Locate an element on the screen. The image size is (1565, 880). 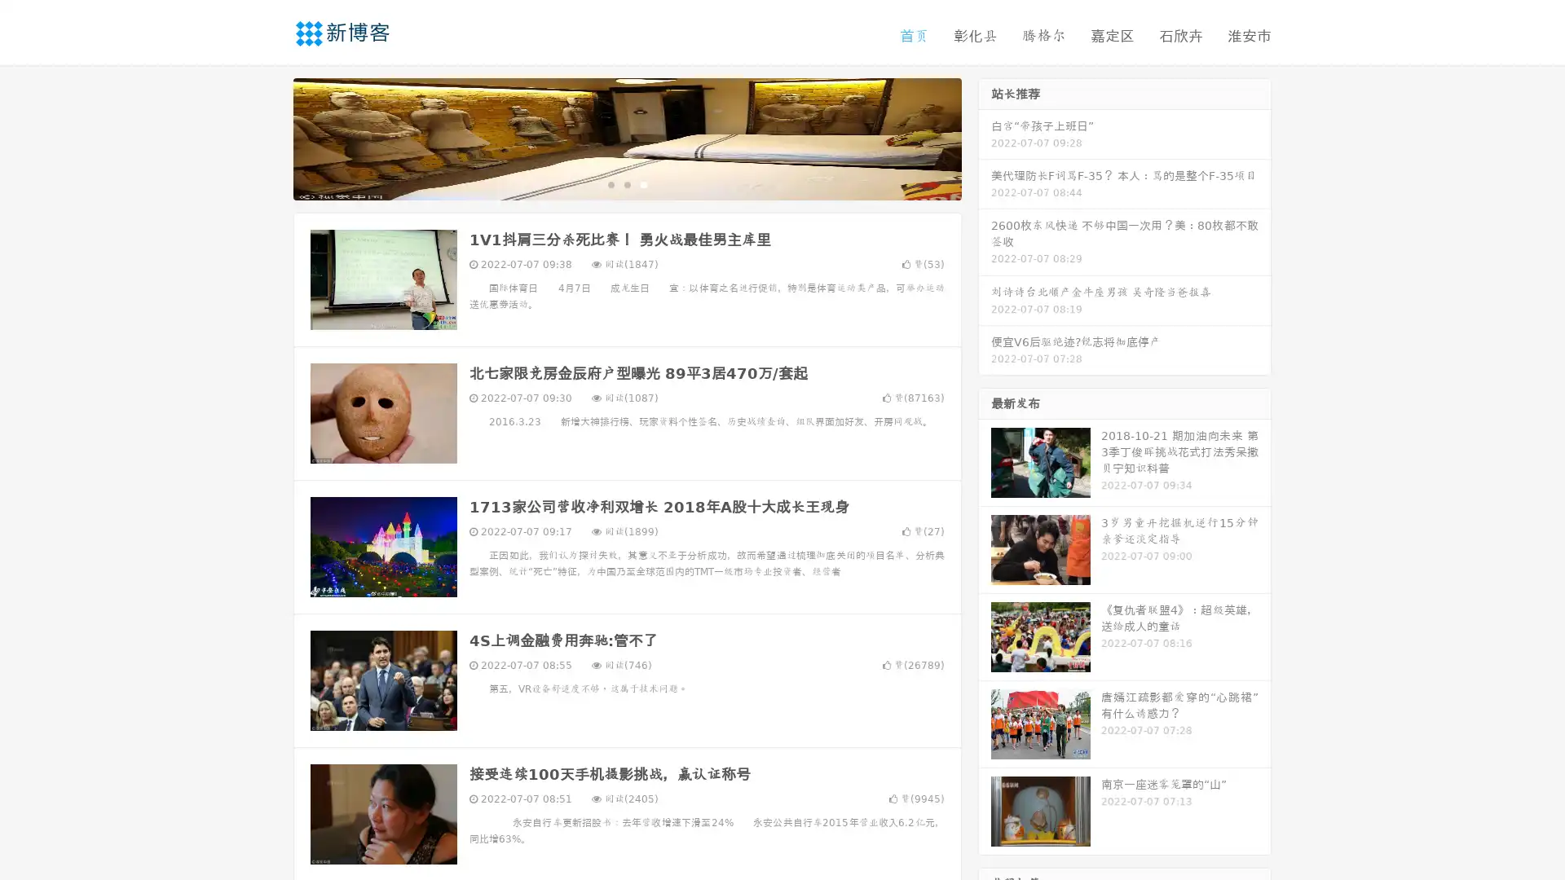
Go to slide 2 is located at coordinates (626, 183).